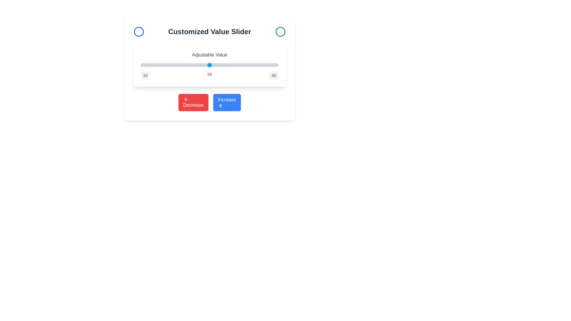 The image size is (571, 321). Describe the element at coordinates (242, 65) in the screenshot. I see `adjustable value` at that location.